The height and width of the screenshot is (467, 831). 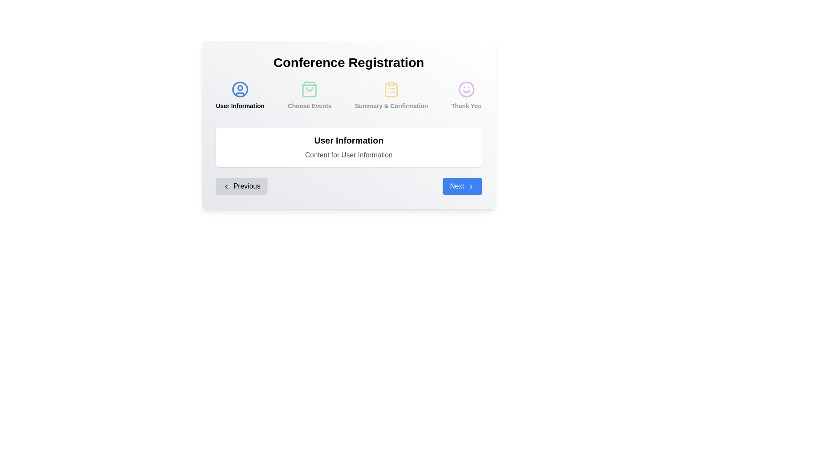 What do you see at coordinates (466, 90) in the screenshot?
I see `the circular purple smiley face icon located to the right of the text 'Thank You', which is the fourth icon in a horizontal row of icons` at bounding box center [466, 90].